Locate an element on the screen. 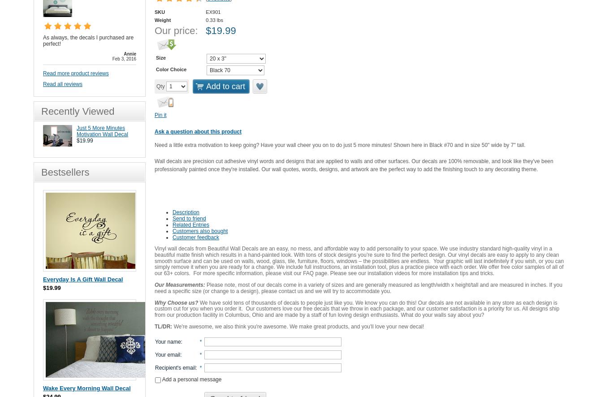 The image size is (605, 397). 'Related Entries' is located at coordinates (173, 224).